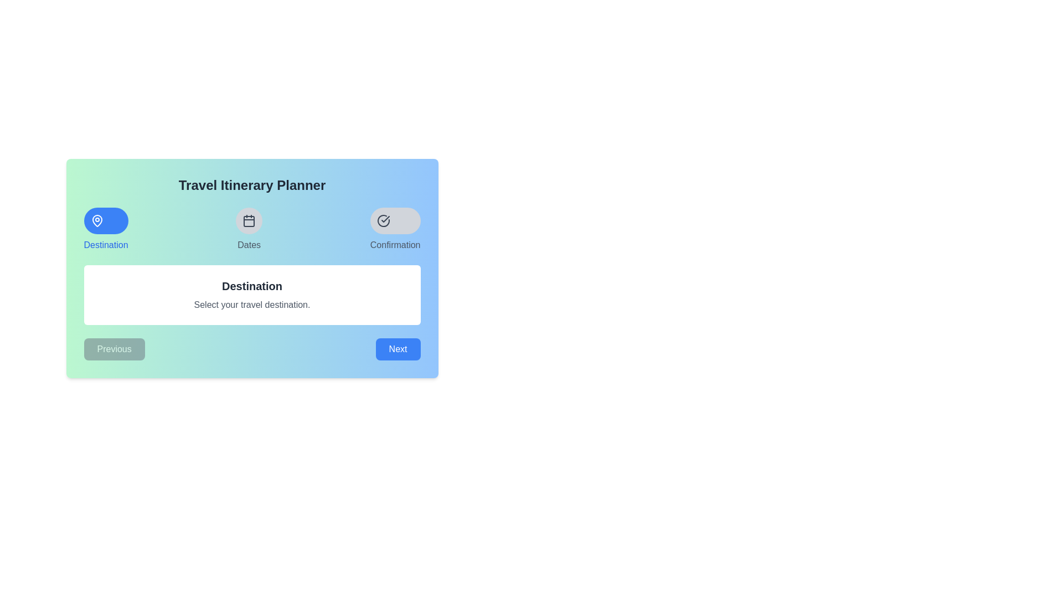  What do you see at coordinates (249, 221) in the screenshot?
I see `the rounded rectangular symbol located inside the calendar icon, which is the second icon from the left in the section labeled 'Dates'` at bounding box center [249, 221].